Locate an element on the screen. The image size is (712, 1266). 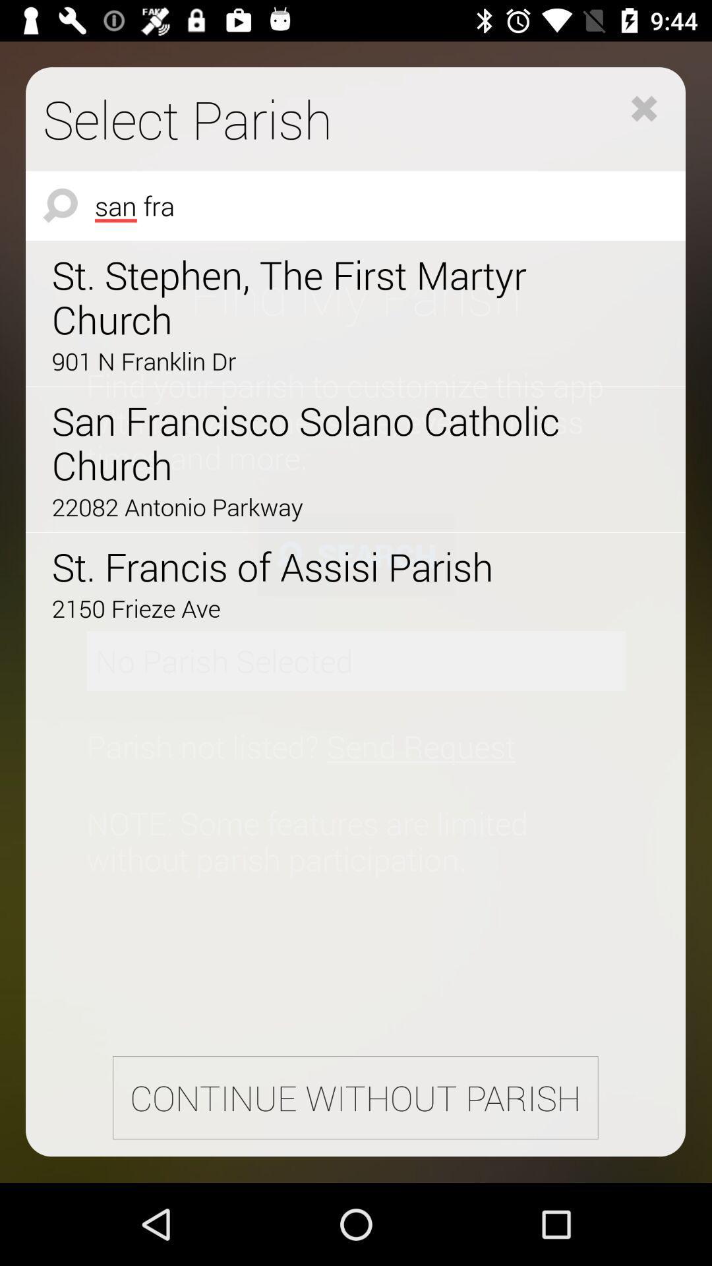
icon above the continue without parish is located at coordinates (318, 607).